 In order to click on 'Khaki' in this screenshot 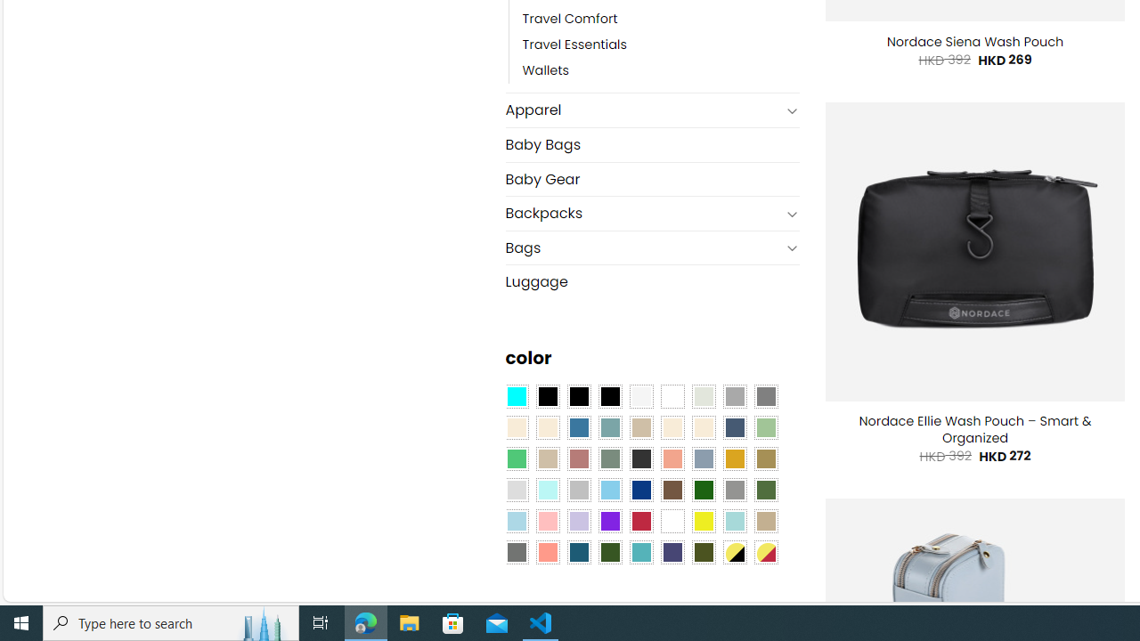, I will do `click(766, 521)`.